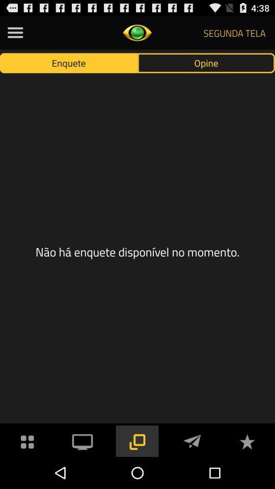 The image size is (275, 489). I want to click on different sections, so click(15, 33).